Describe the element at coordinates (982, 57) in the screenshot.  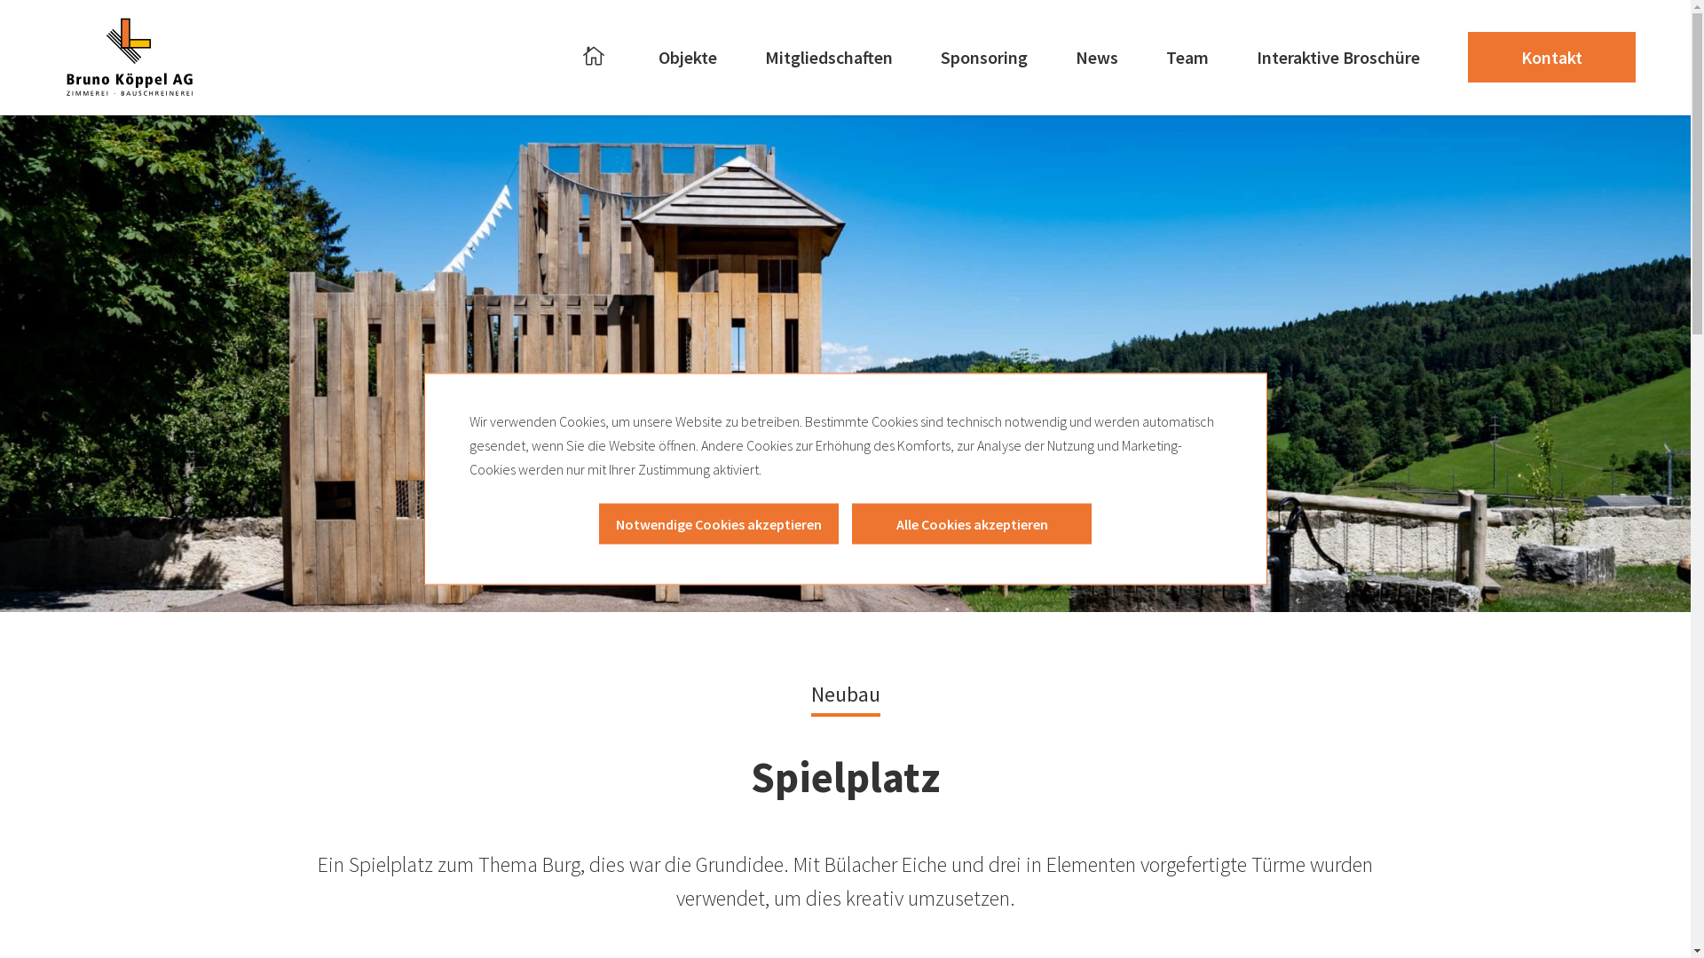
I see `'Sponsoring'` at that location.